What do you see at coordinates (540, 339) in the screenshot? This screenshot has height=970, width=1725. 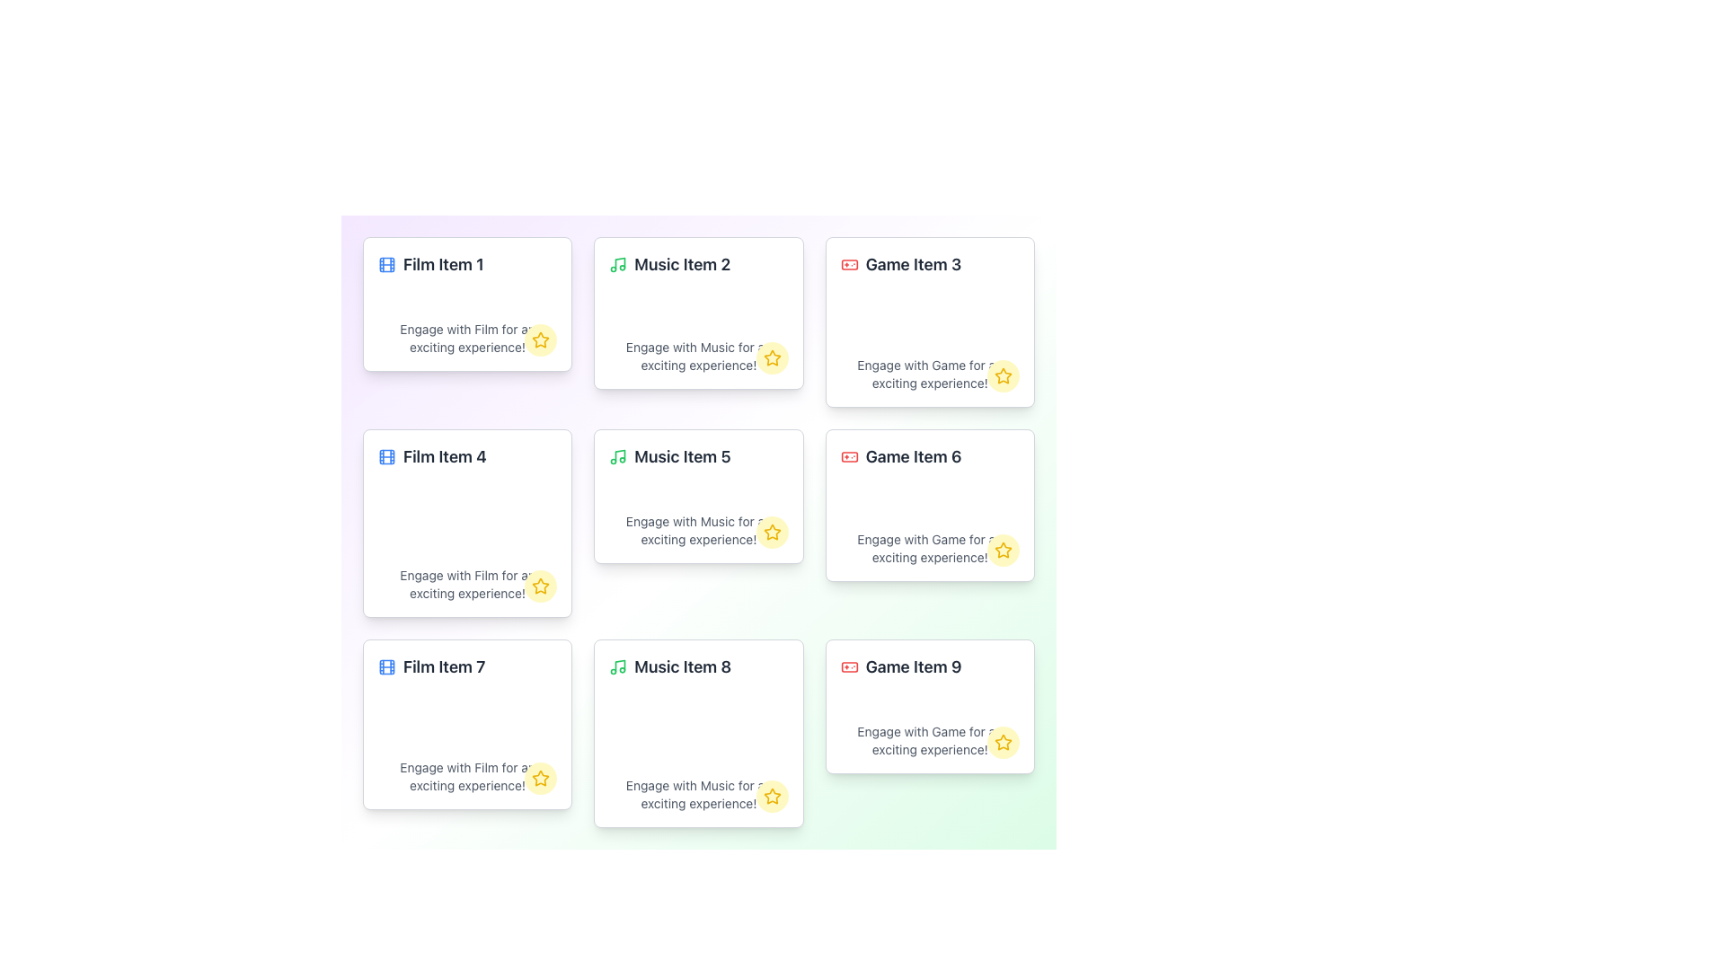 I see `the star icon in the lower-right corner of the card labeled 'Film Item 1'` at bounding box center [540, 339].